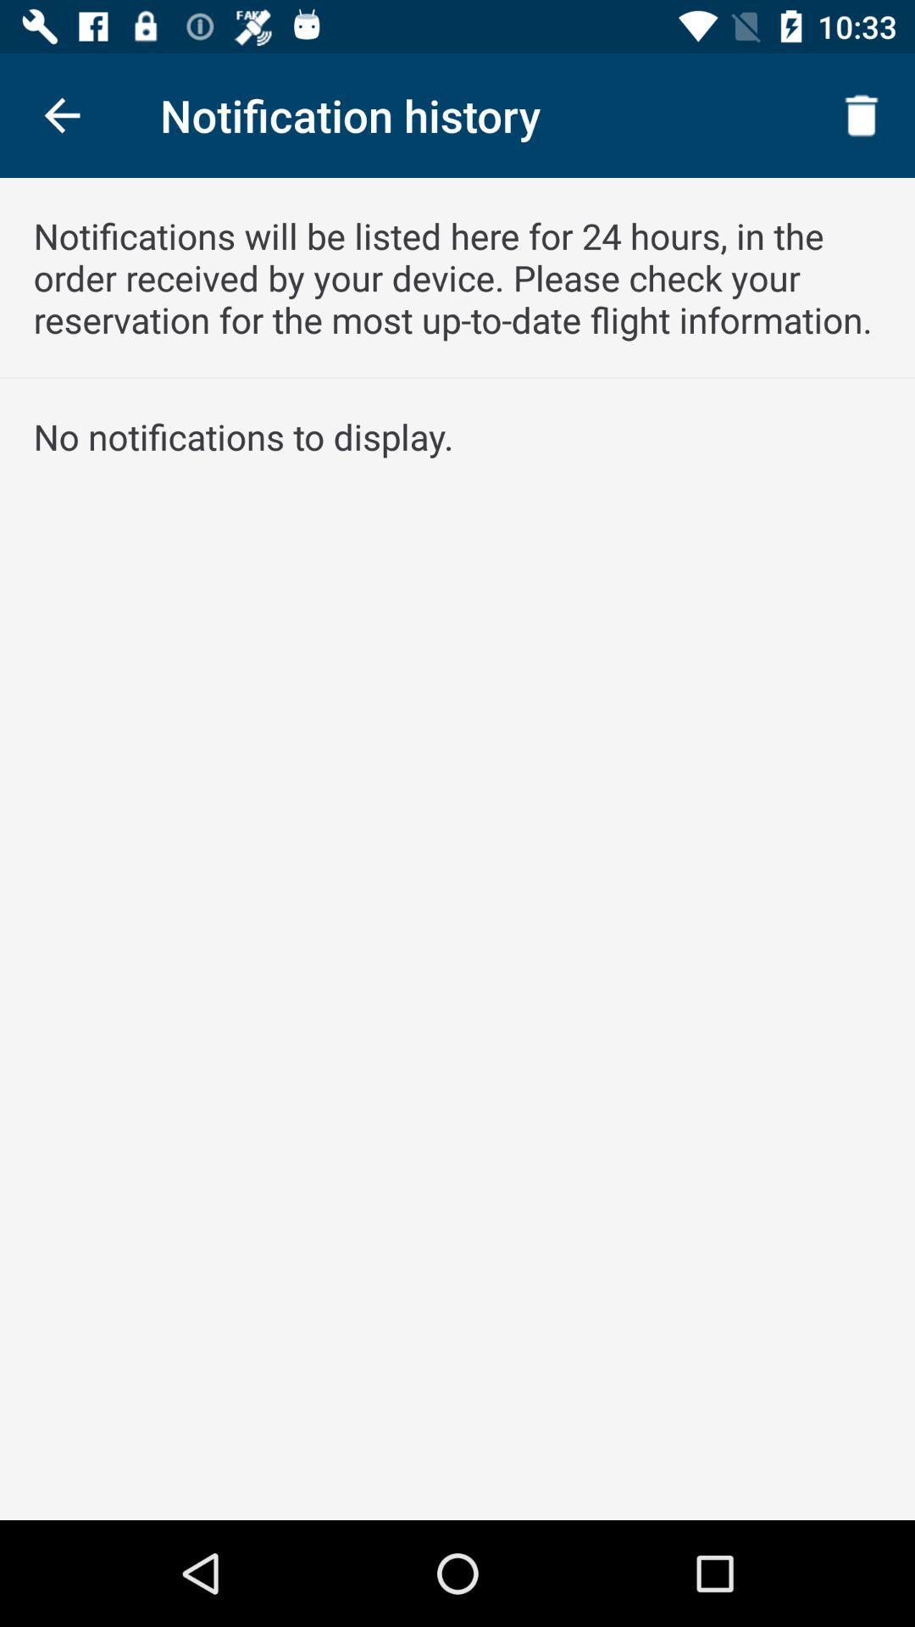  Describe the element at coordinates (61, 114) in the screenshot. I see `the icon above notifications will be` at that location.